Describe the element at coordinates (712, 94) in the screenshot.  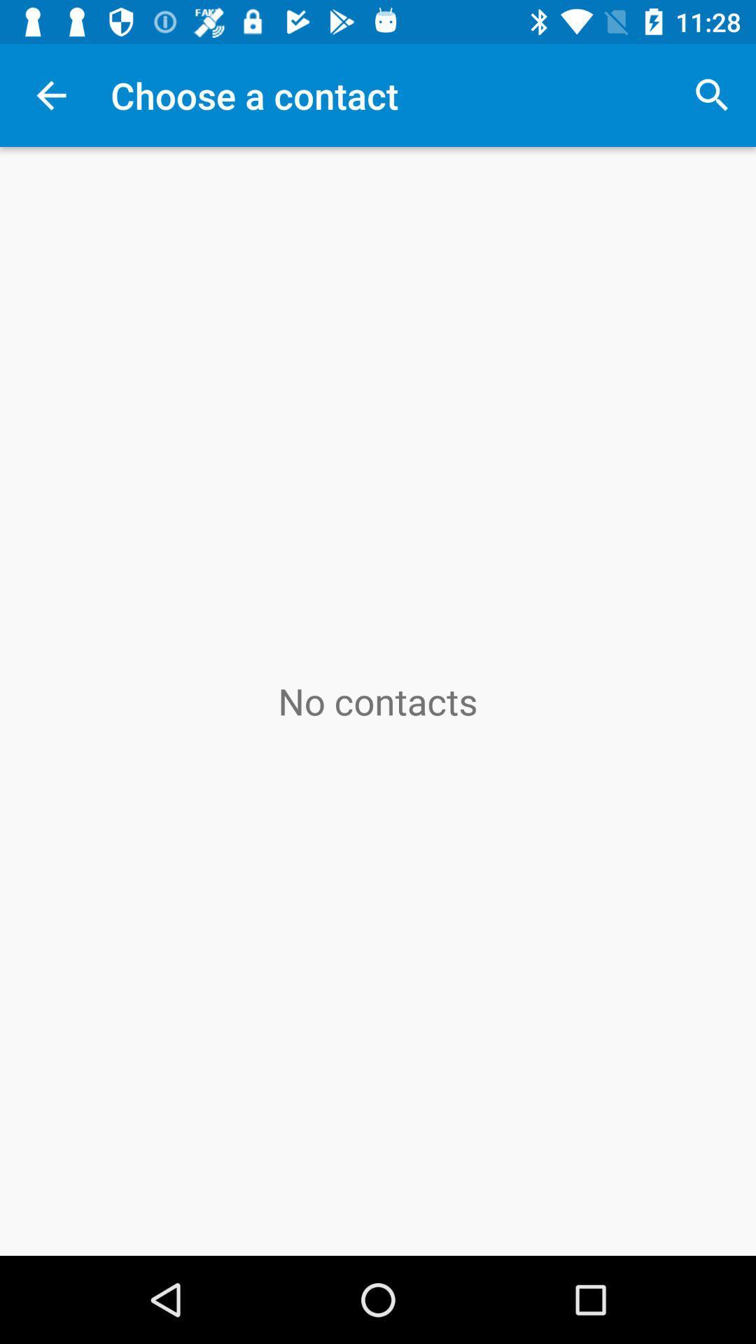
I see `the icon next to choose a contact item` at that location.